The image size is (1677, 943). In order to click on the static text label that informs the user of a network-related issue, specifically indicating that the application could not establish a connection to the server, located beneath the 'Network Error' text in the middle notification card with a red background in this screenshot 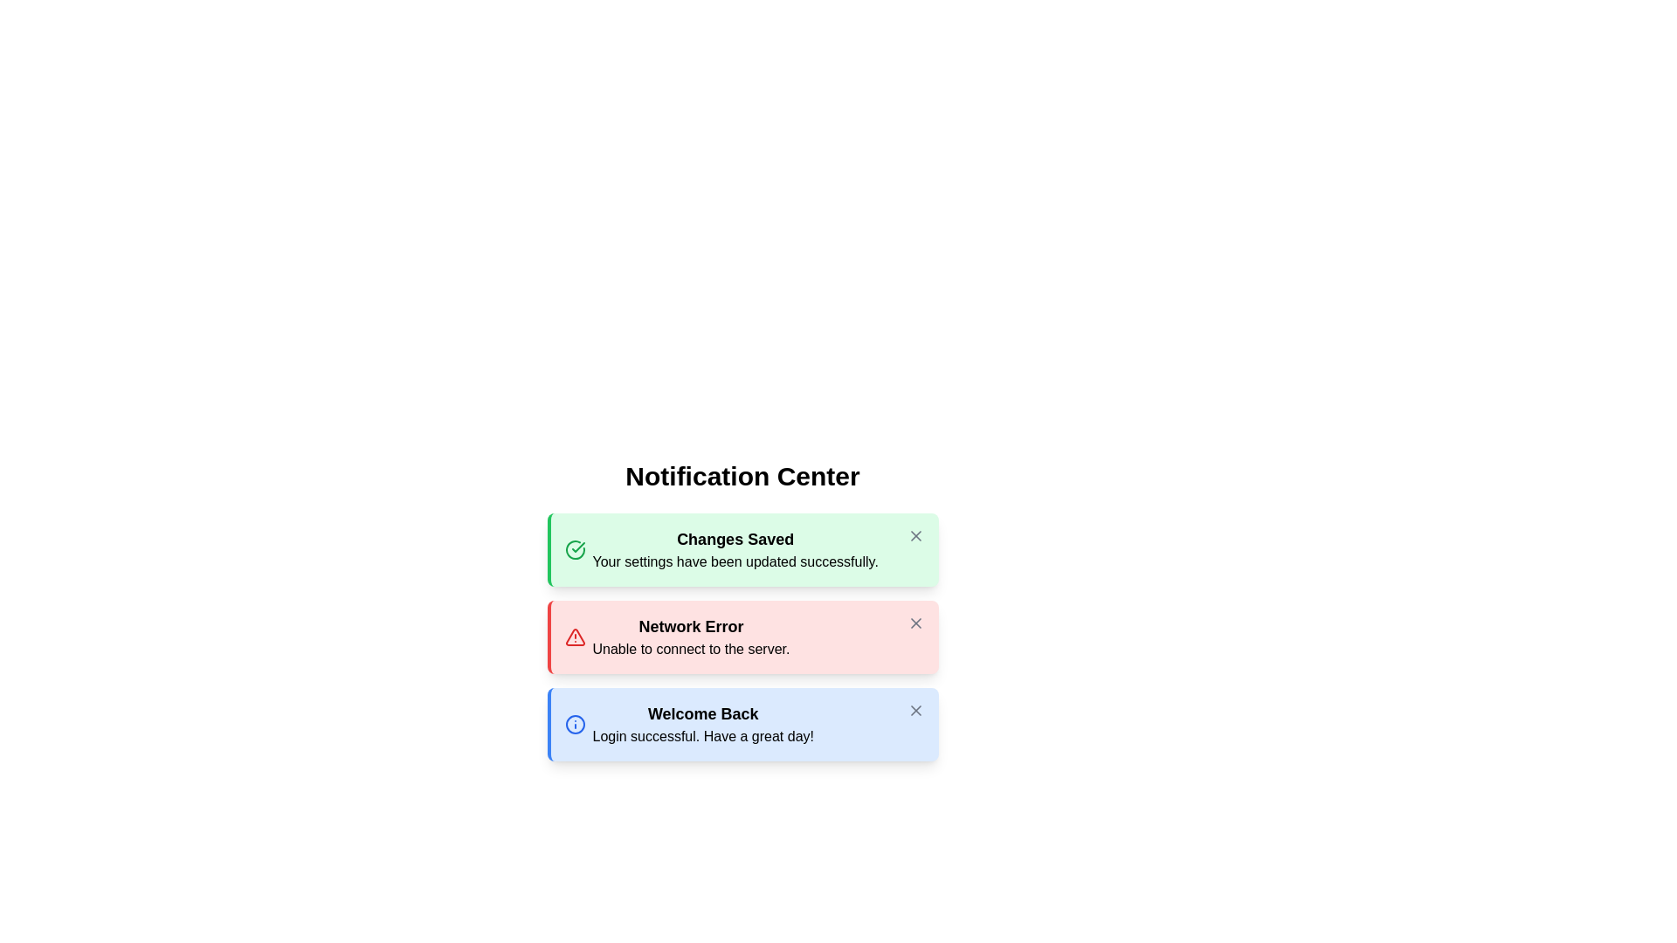, I will do `click(690, 650)`.